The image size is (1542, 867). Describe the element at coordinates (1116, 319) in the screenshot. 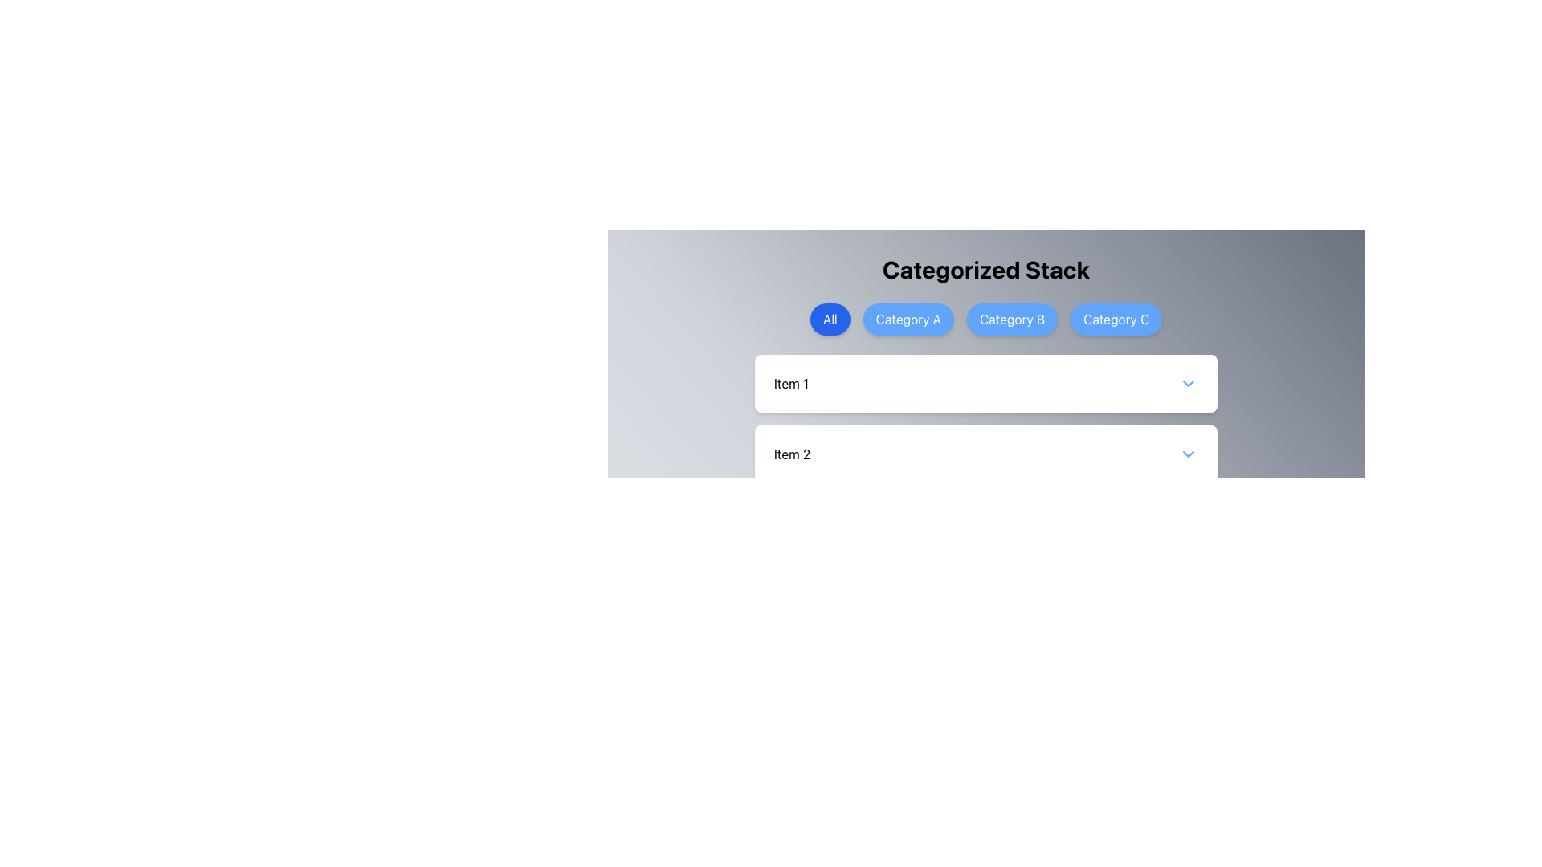

I see `the blue, rounded button labeled 'Category C' to filter items by Category C` at that location.